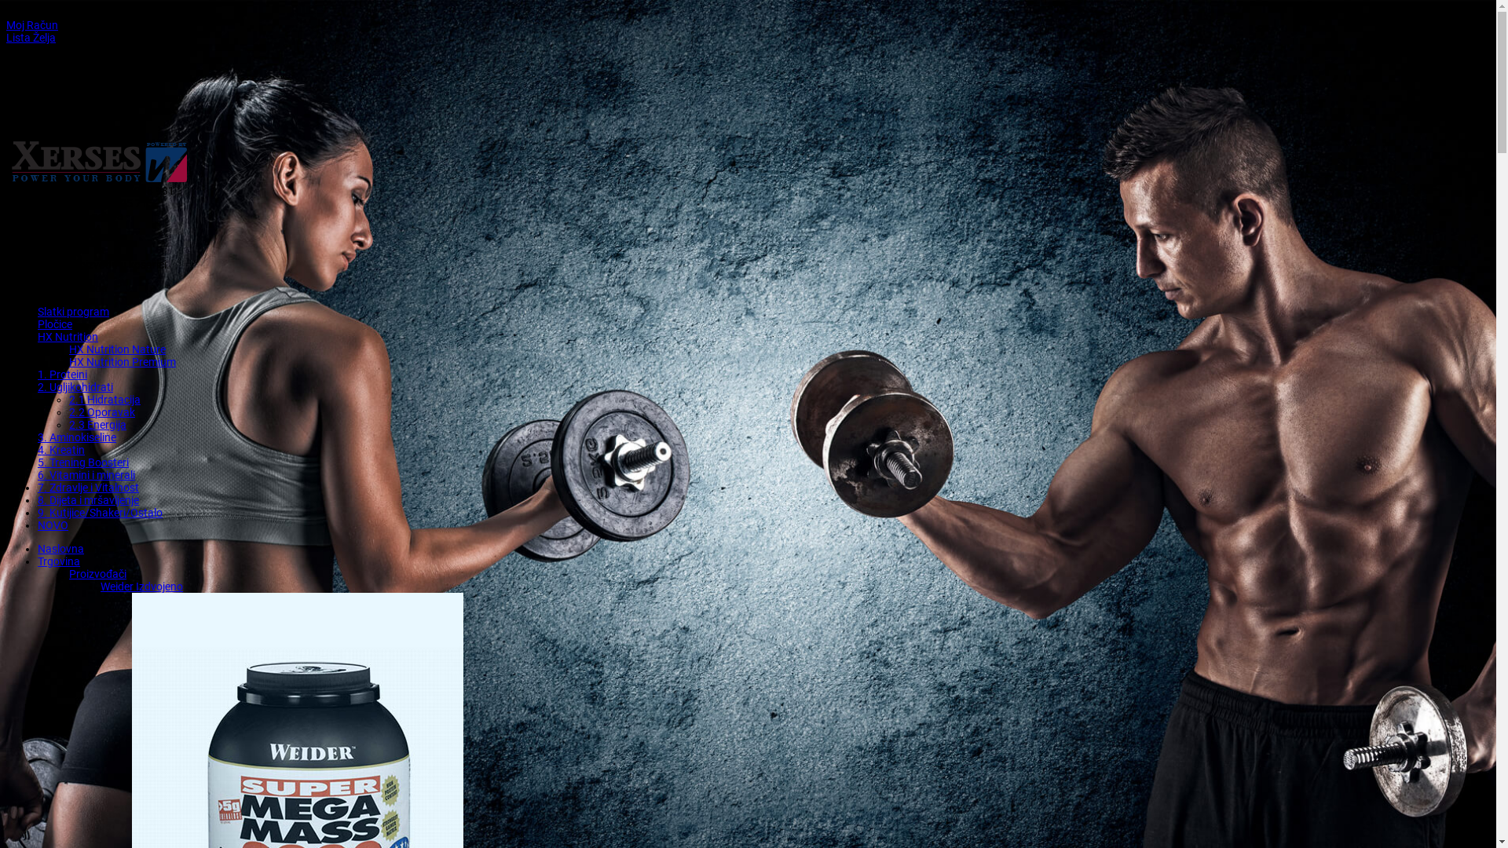 This screenshot has width=1508, height=848. Describe the element at coordinates (67, 335) in the screenshot. I see `'HX Nutrition'` at that location.